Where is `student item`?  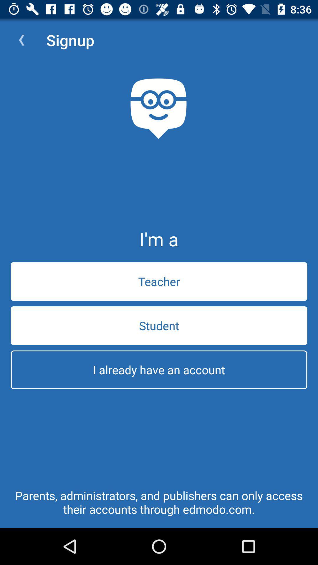 student item is located at coordinates (159, 325).